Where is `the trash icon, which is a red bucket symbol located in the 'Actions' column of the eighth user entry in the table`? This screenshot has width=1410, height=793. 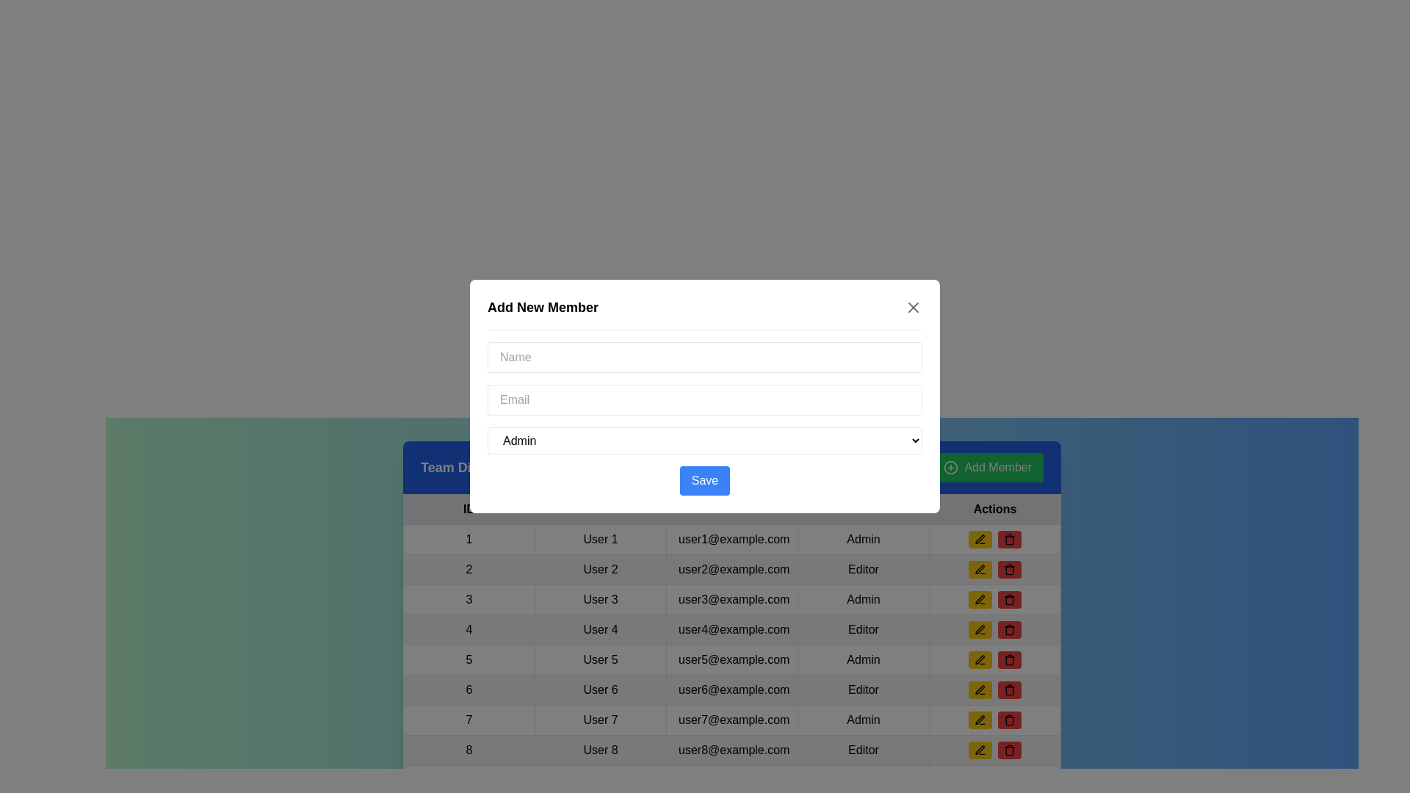 the trash icon, which is a red bucket symbol located in the 'Actions' column of the eighth user entry in the table is located at coordinates (1008, 630).